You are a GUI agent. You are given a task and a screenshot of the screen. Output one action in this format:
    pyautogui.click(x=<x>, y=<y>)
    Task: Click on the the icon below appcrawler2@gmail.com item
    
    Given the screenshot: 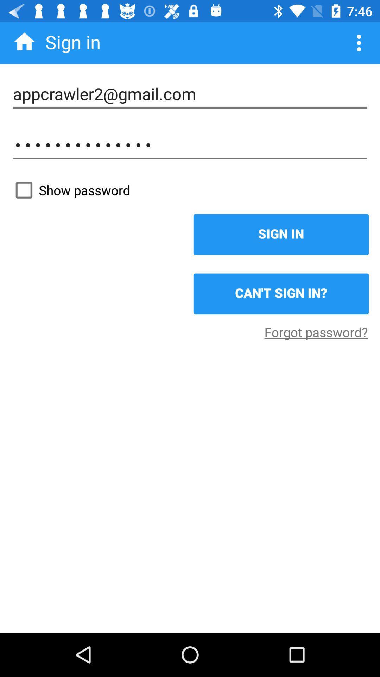 What is the action you would take?
    pyautogui.click(x=190, y=145)
    